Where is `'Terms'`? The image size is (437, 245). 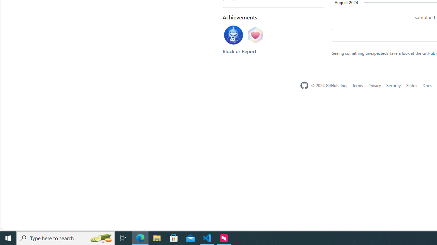
'Terms' is located at coordinates (357, 85).